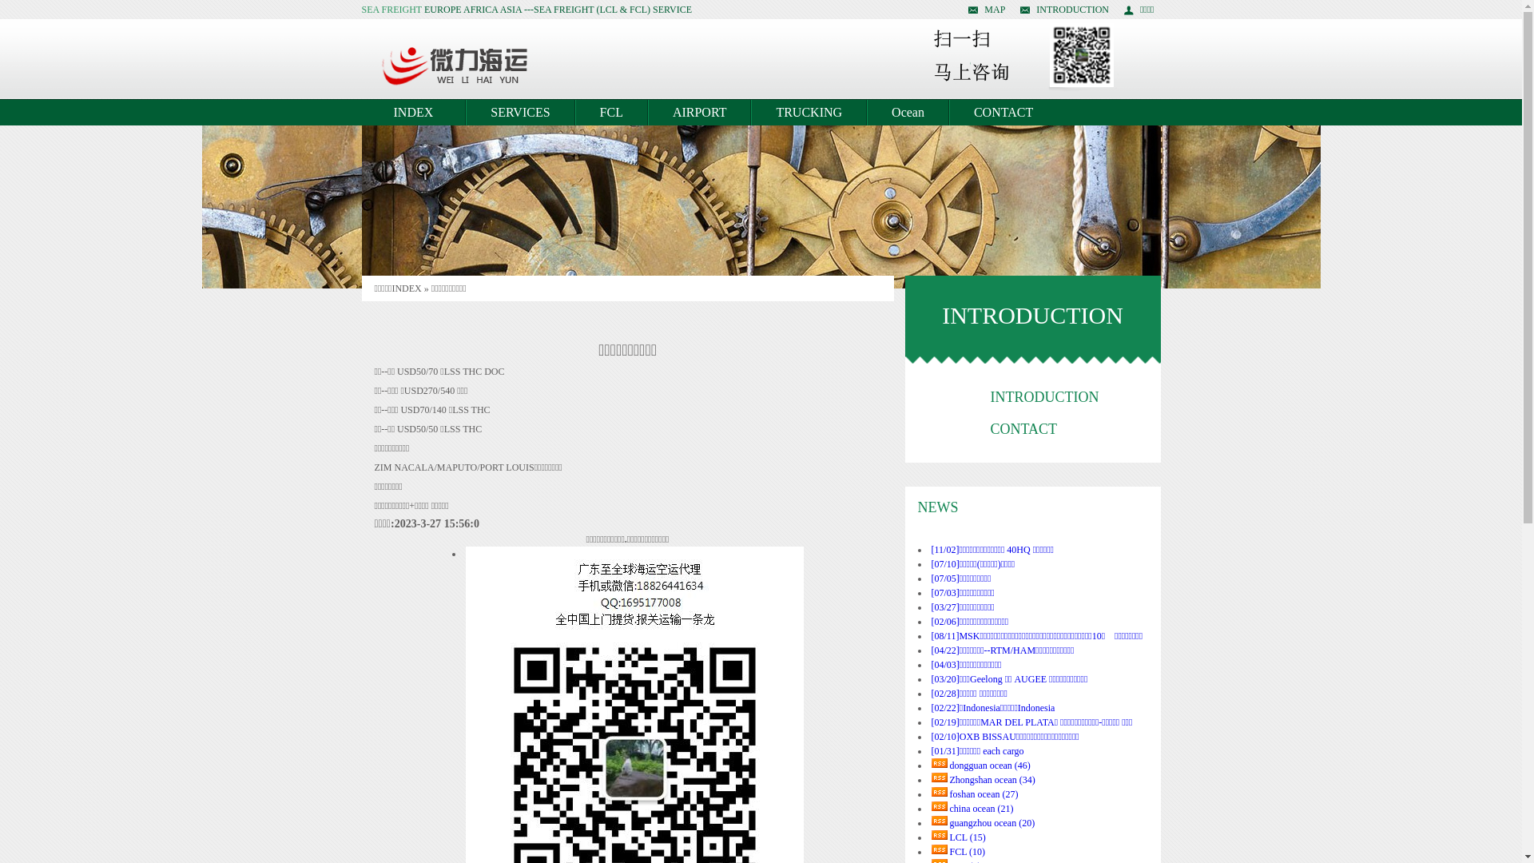 The image size is (1534, 863). Describe the element at coordinates (1002, 112) in the screenshot. I see `'CONTACT'` at that location.